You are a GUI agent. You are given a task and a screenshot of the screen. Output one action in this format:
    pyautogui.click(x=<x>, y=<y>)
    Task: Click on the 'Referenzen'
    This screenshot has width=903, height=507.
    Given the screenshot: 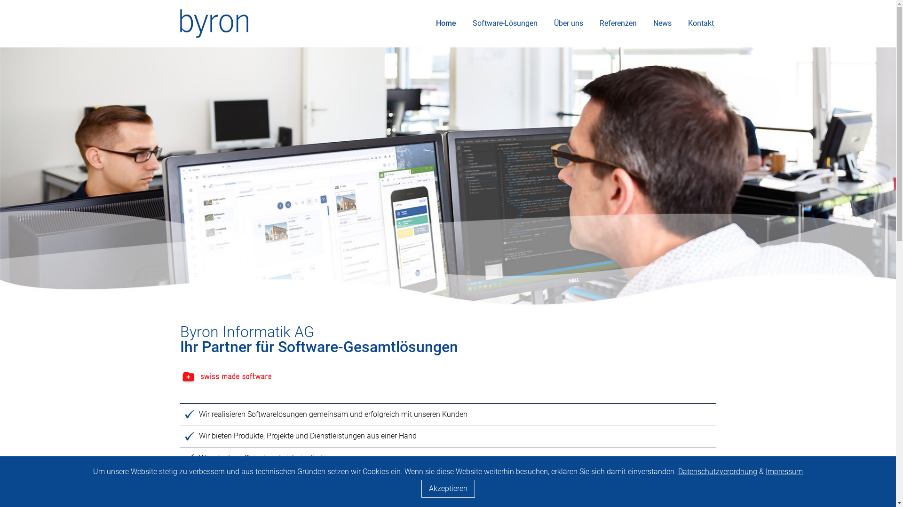 What is the action you would take?
    pyautogui.click(x=618, y=23)
    